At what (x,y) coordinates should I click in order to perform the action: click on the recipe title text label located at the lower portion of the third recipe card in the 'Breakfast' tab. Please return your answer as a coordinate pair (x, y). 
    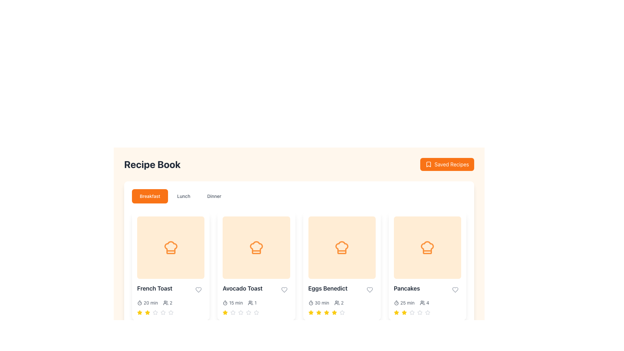
    Looking at the image, I should click on (328, 288).